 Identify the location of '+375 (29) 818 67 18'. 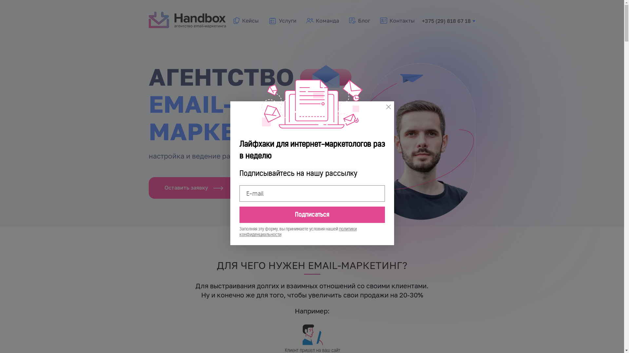
(448, 21).